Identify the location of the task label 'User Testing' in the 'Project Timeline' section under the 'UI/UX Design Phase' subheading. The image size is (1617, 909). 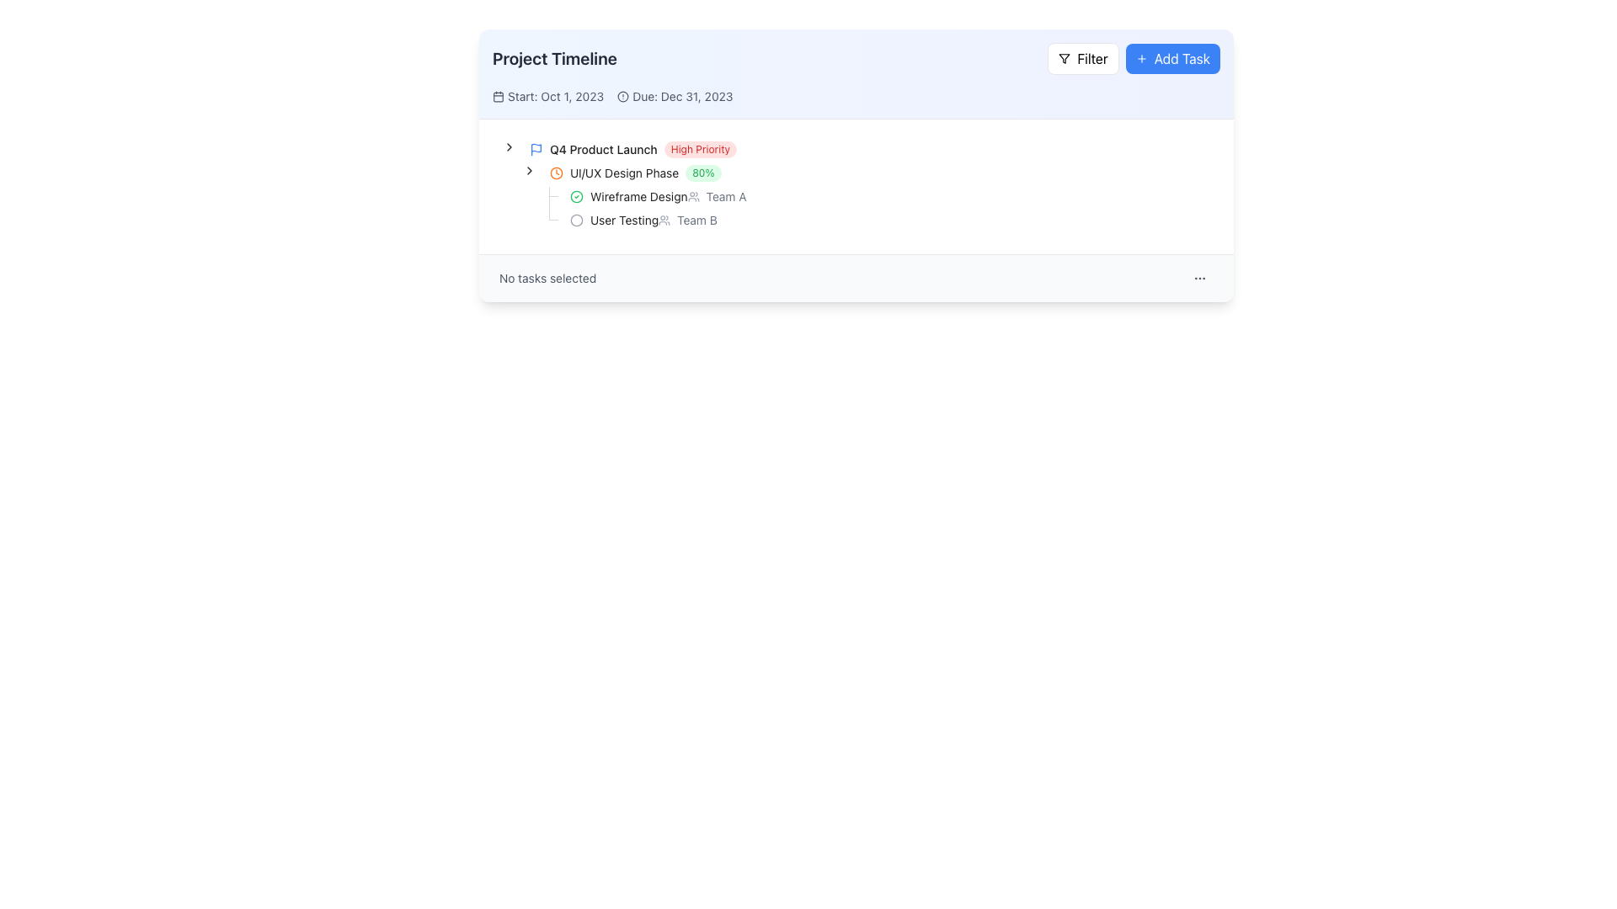
(613, 220).